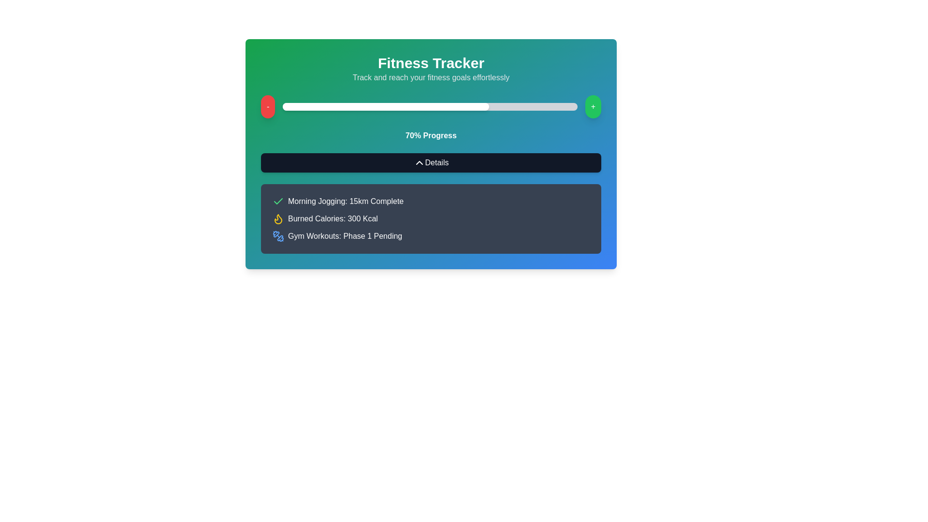 This screenshot has height=522, width=928. Describe the element at coordinates (593, 106) in the screenshot. I see `the circular green button with a '+' symbol located at the extreme right of the horizontal progress bar` at that location.